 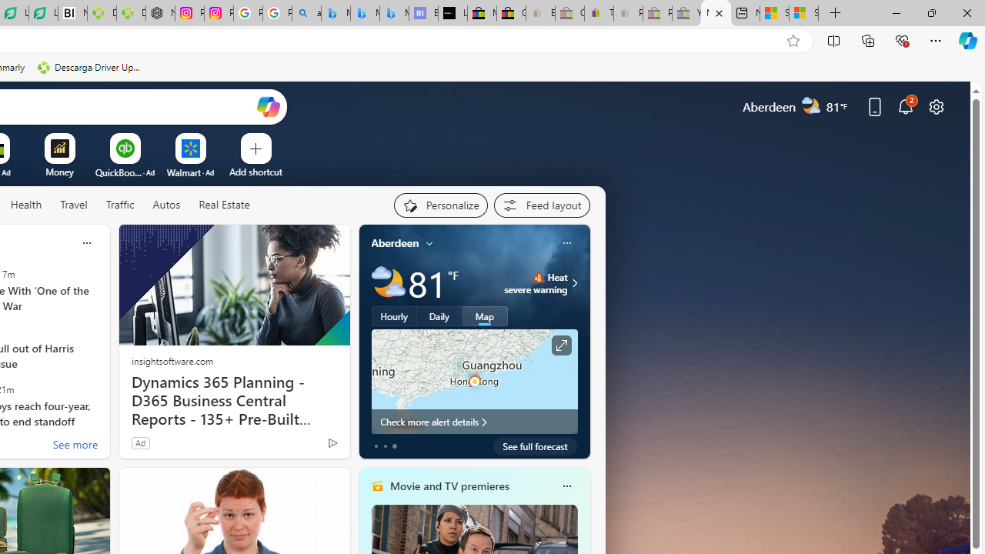 I want to click on 'Traffic', so click(x=119, y=205).